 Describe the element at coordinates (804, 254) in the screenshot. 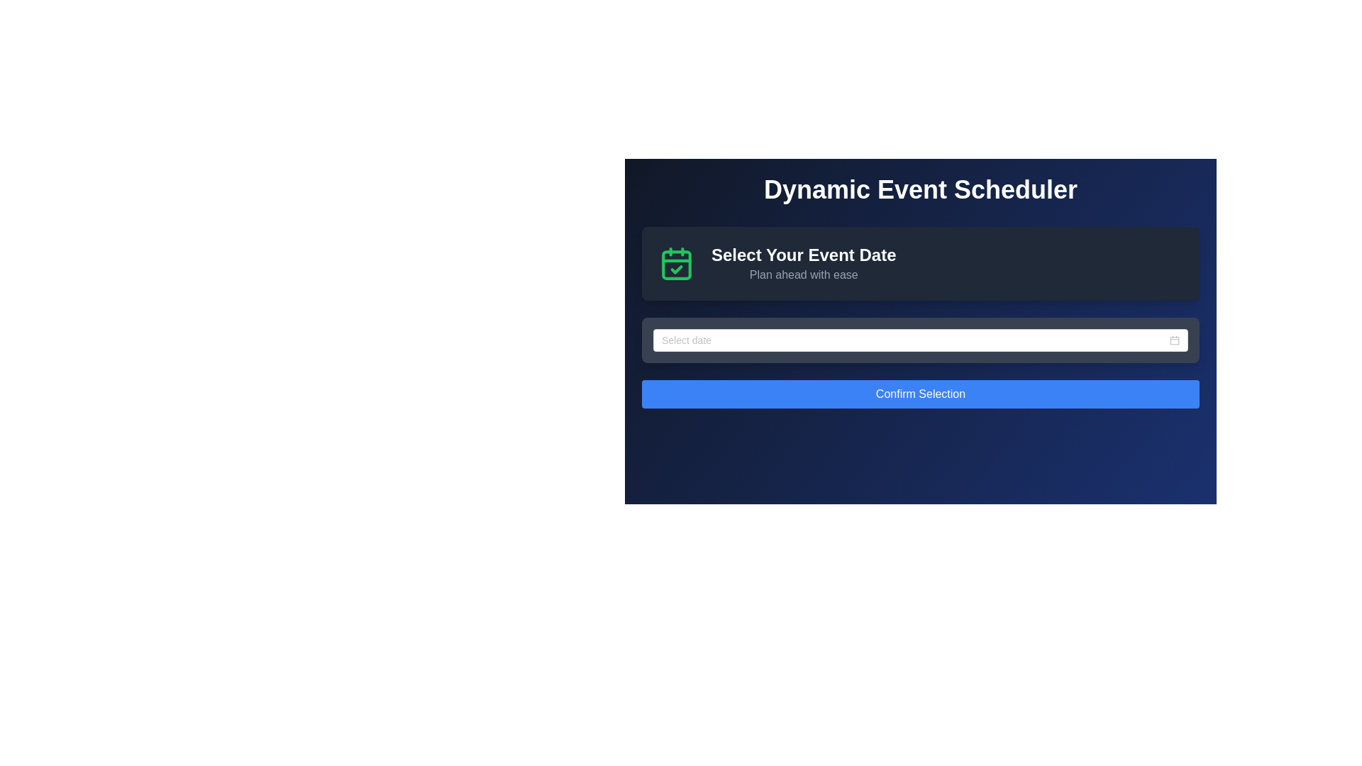

I see `the static text header indicating the primary focus of the section for selecting an event date, located at the top-center of the interface below 'Dynamic Event Scheduler'` at that location.